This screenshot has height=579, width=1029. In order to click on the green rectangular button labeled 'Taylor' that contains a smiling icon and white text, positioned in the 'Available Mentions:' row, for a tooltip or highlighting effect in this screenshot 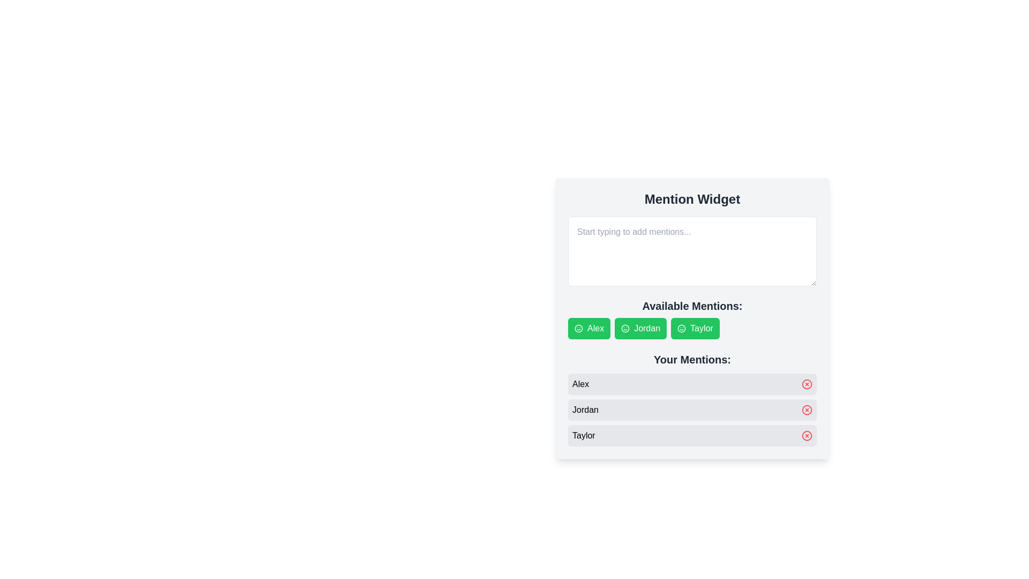, I will do `click(695, 328)`.